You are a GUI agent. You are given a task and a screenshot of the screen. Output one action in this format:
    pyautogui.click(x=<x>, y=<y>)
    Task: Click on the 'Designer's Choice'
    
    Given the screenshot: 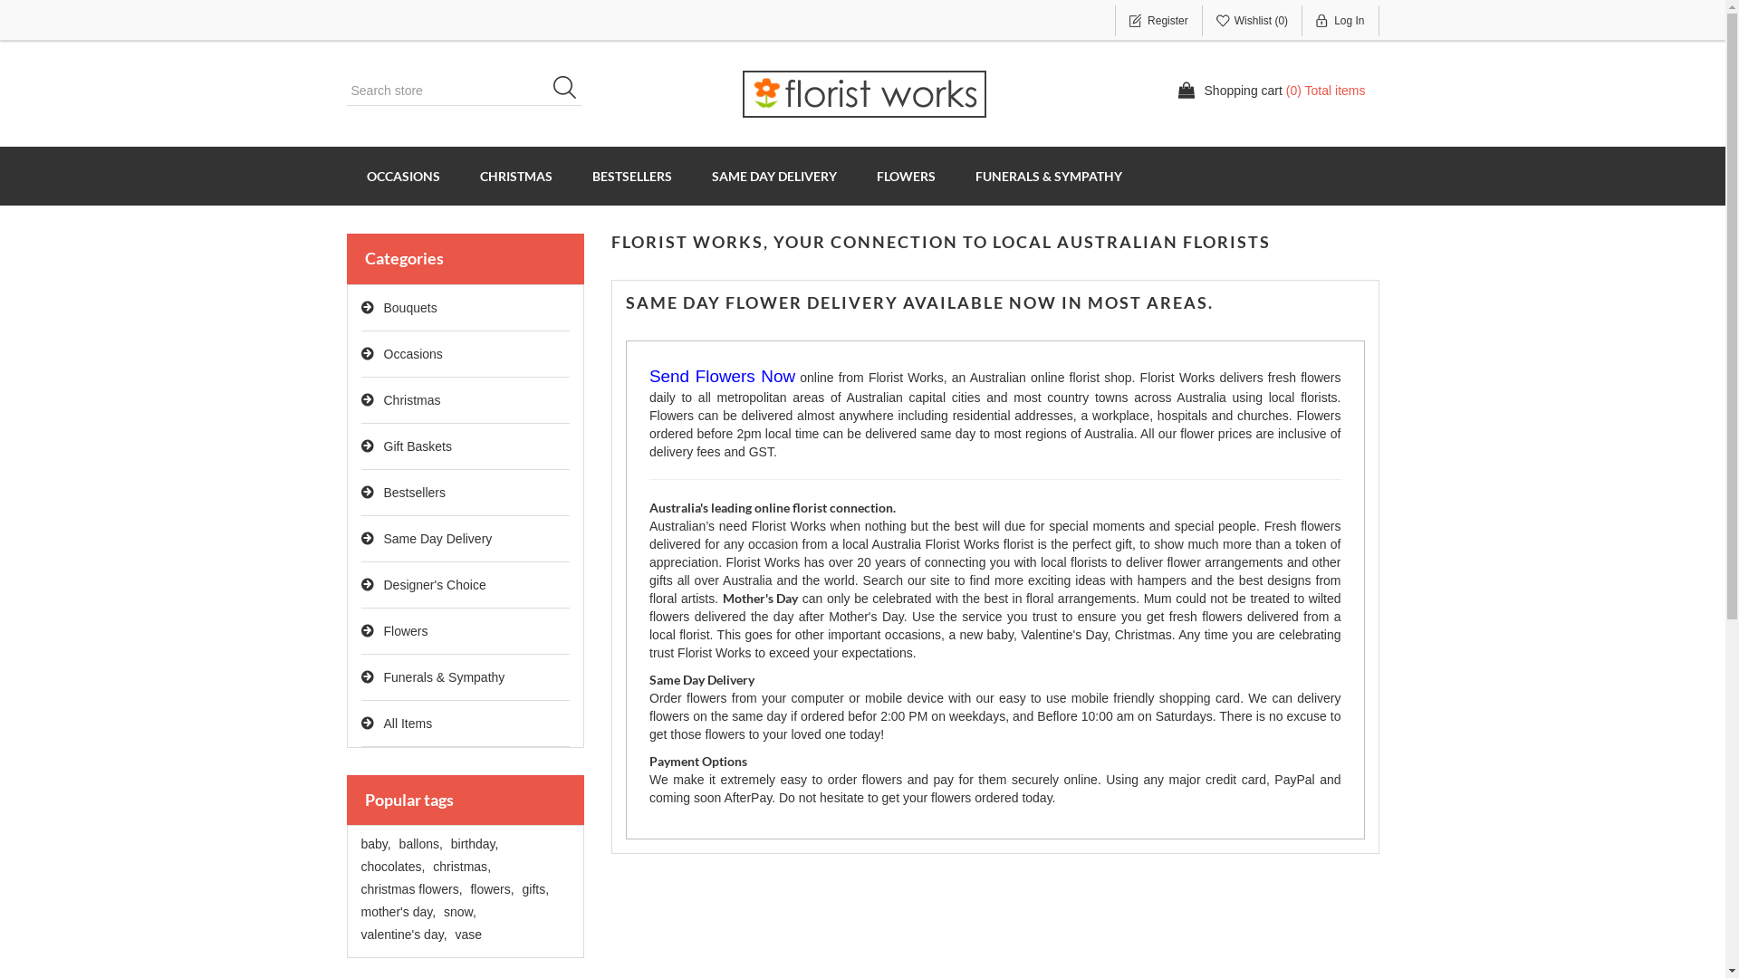 What is the action you would take?
    pyautogui.click(x=465, y=585)
    